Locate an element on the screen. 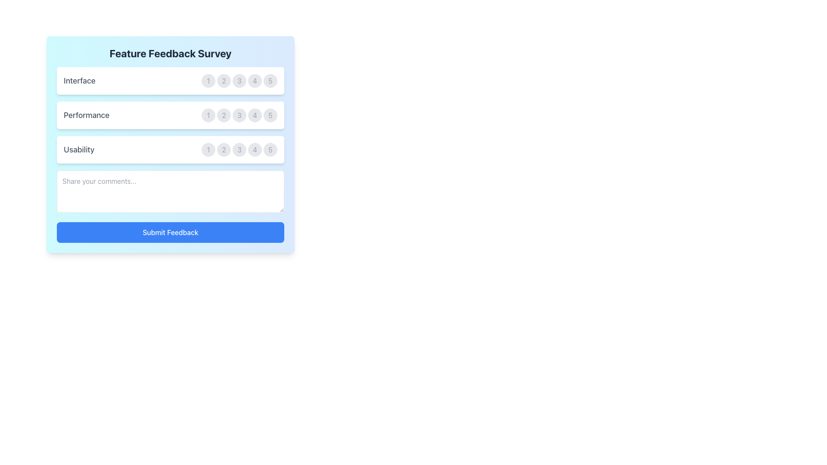 Image resolution: width=827 pixels, height=465 pixels. the '4' rating button in the 'Performance' category is located at coordinates (254, 115).